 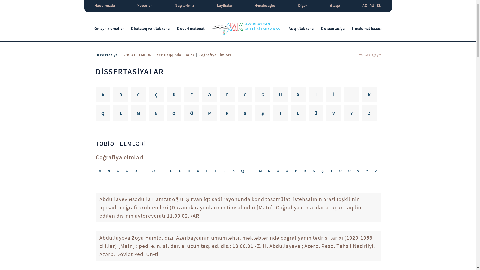 What do you see at coordinates (121, 113) in the screenshot?
I see `'L'` at bounding box center [121, 113].